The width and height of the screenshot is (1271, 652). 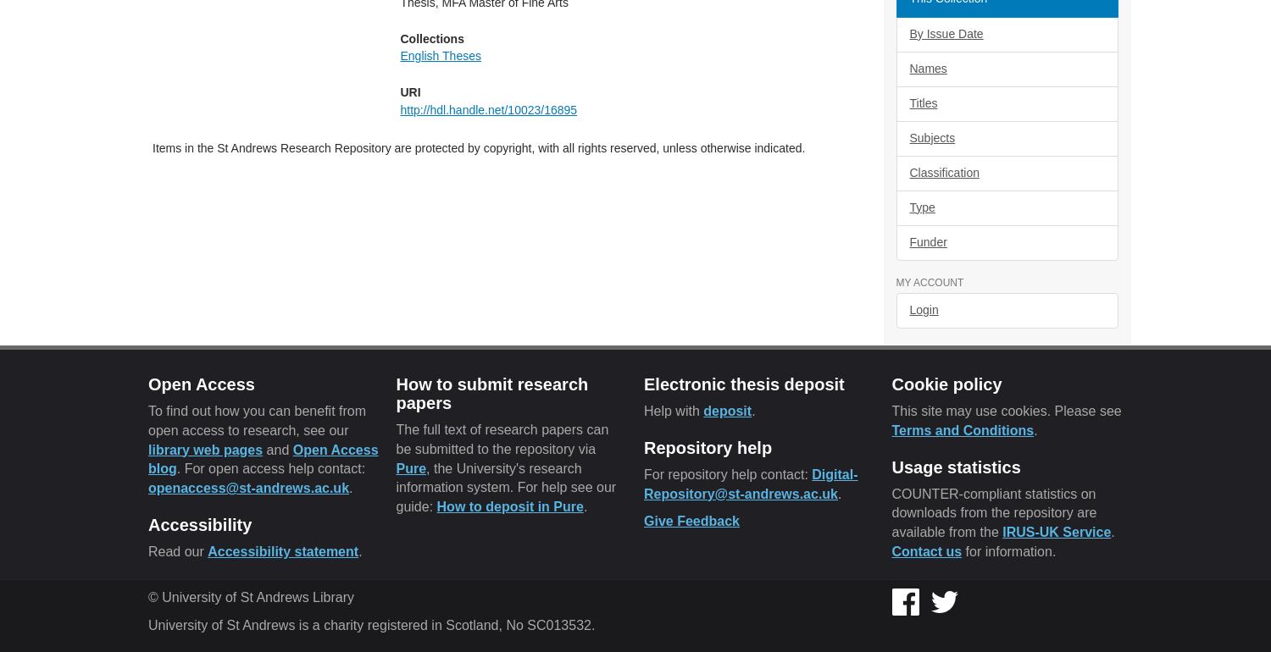 What do you see at coordinates (927, 240) in the screenshot?
I see `'Funder'` at bounding box center [927, 240].